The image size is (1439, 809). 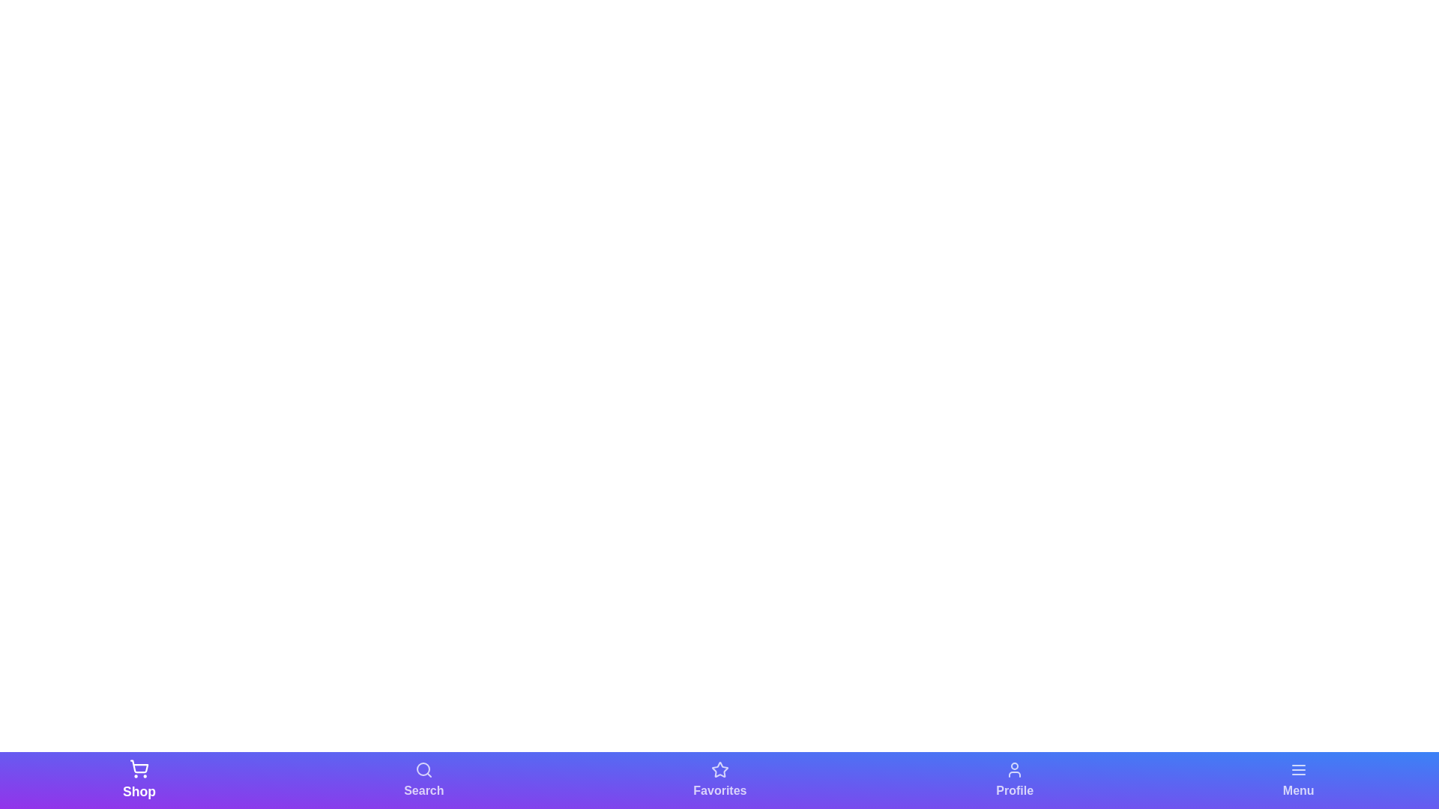 What do you see at coordinates (719, 779) in the screenshot?
I see `the Favorites tab in the bottom navigation bar` at bounding box center [719, 779].